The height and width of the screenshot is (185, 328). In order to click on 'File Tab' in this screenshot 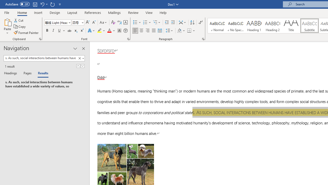, I will do `click(7, 12)`.